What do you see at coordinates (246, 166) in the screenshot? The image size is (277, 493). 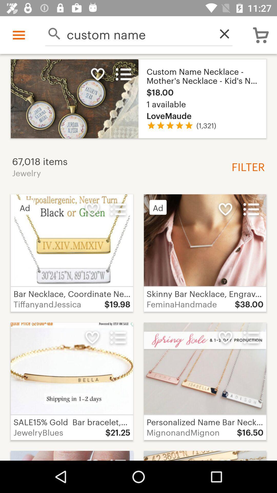 I see `filter item` at bounding box center [246, 166].